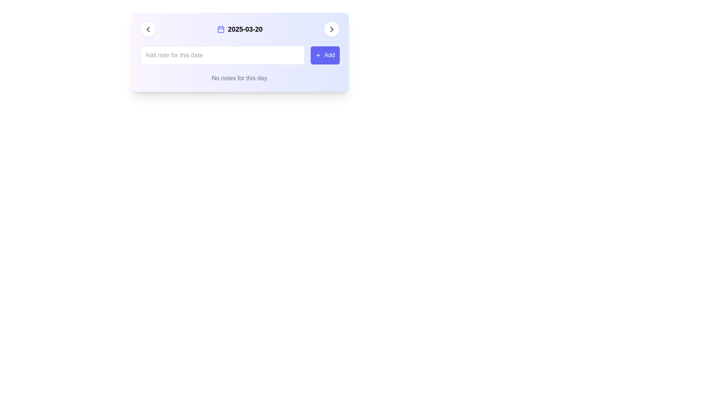  Describe the element at coordinates (318, 55) in the screenshot. I see `the 'Add' button located at the upper-right section of the form-like area` at that location.